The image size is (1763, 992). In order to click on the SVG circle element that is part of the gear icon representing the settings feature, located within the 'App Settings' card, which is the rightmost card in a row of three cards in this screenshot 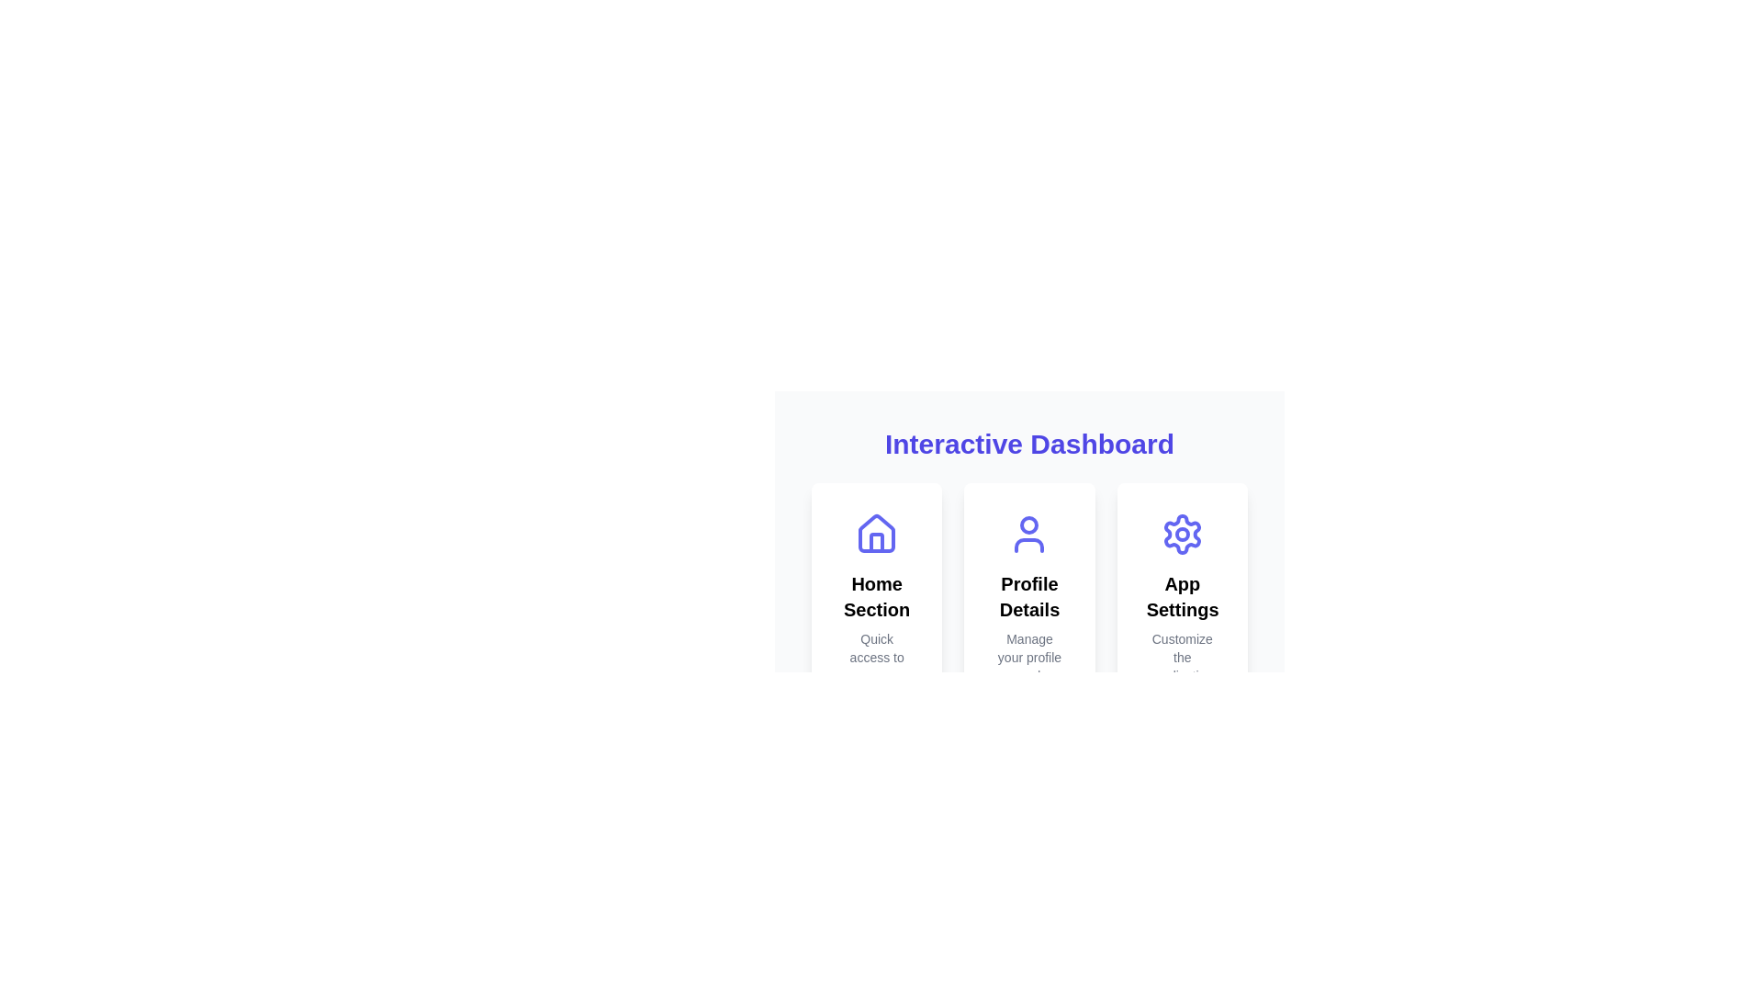, I will do `click(1182, 535)`.